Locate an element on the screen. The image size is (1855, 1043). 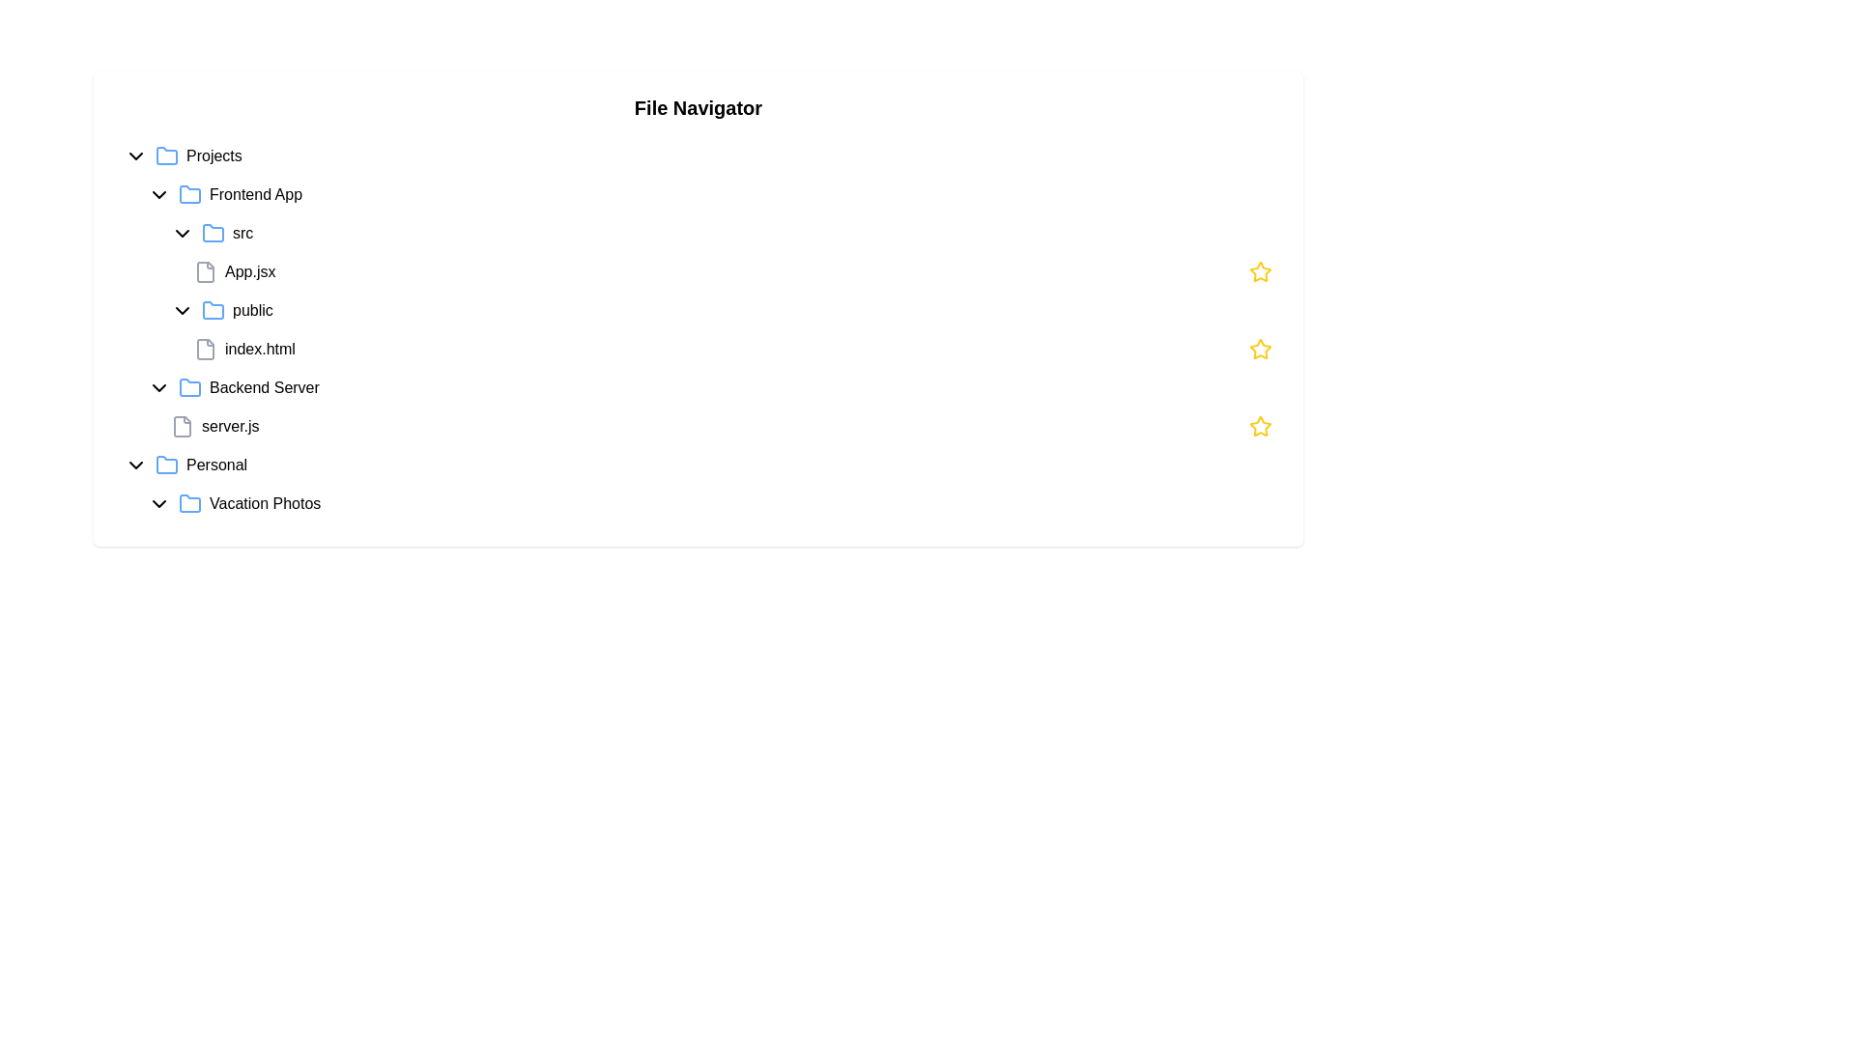
the light blue folder icon located next to the text 'Projects' to interact with it is located at coordinates (166, 155).